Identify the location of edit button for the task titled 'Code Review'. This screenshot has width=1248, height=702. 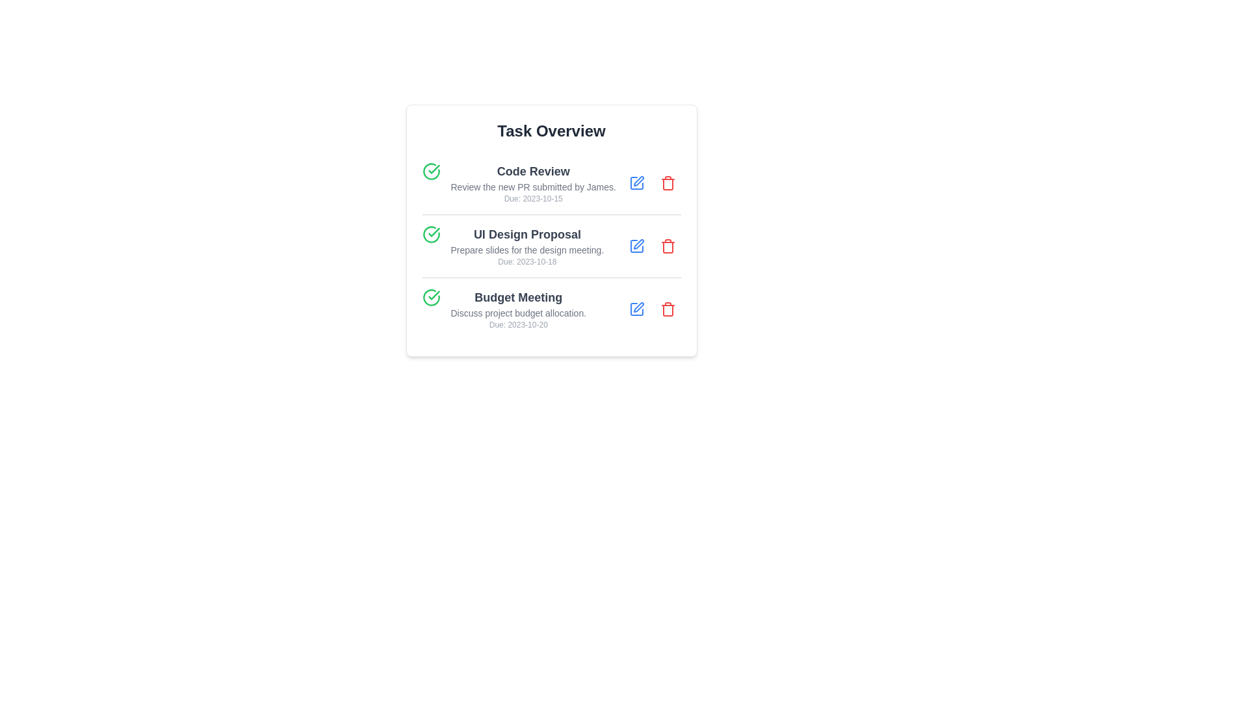
(636, 183).